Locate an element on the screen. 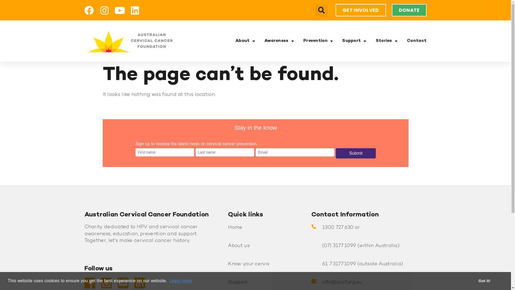 The image size is (515, 290). 'Home' is located at coordinates (235, 227).